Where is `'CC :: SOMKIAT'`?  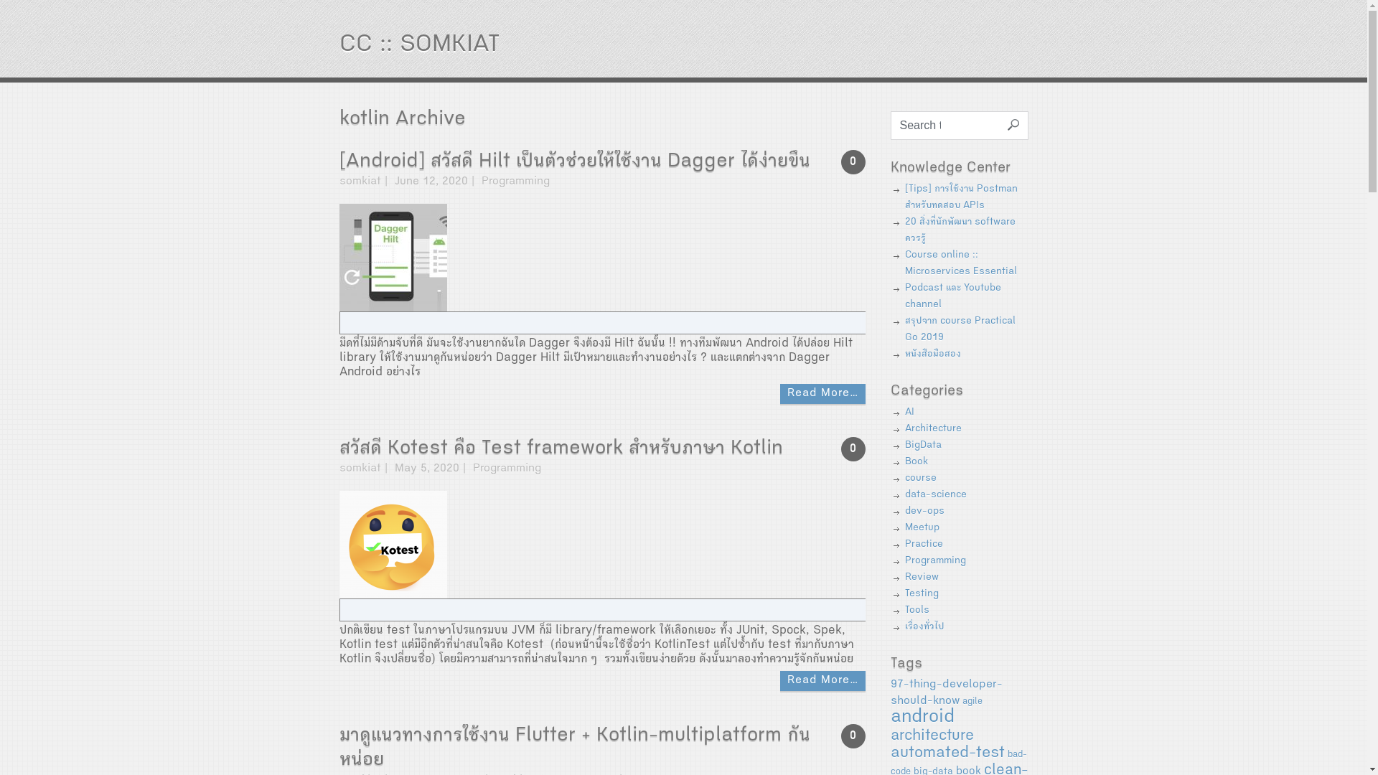 'CC :: SOMKIAT' is located at coordinates (418, 45).